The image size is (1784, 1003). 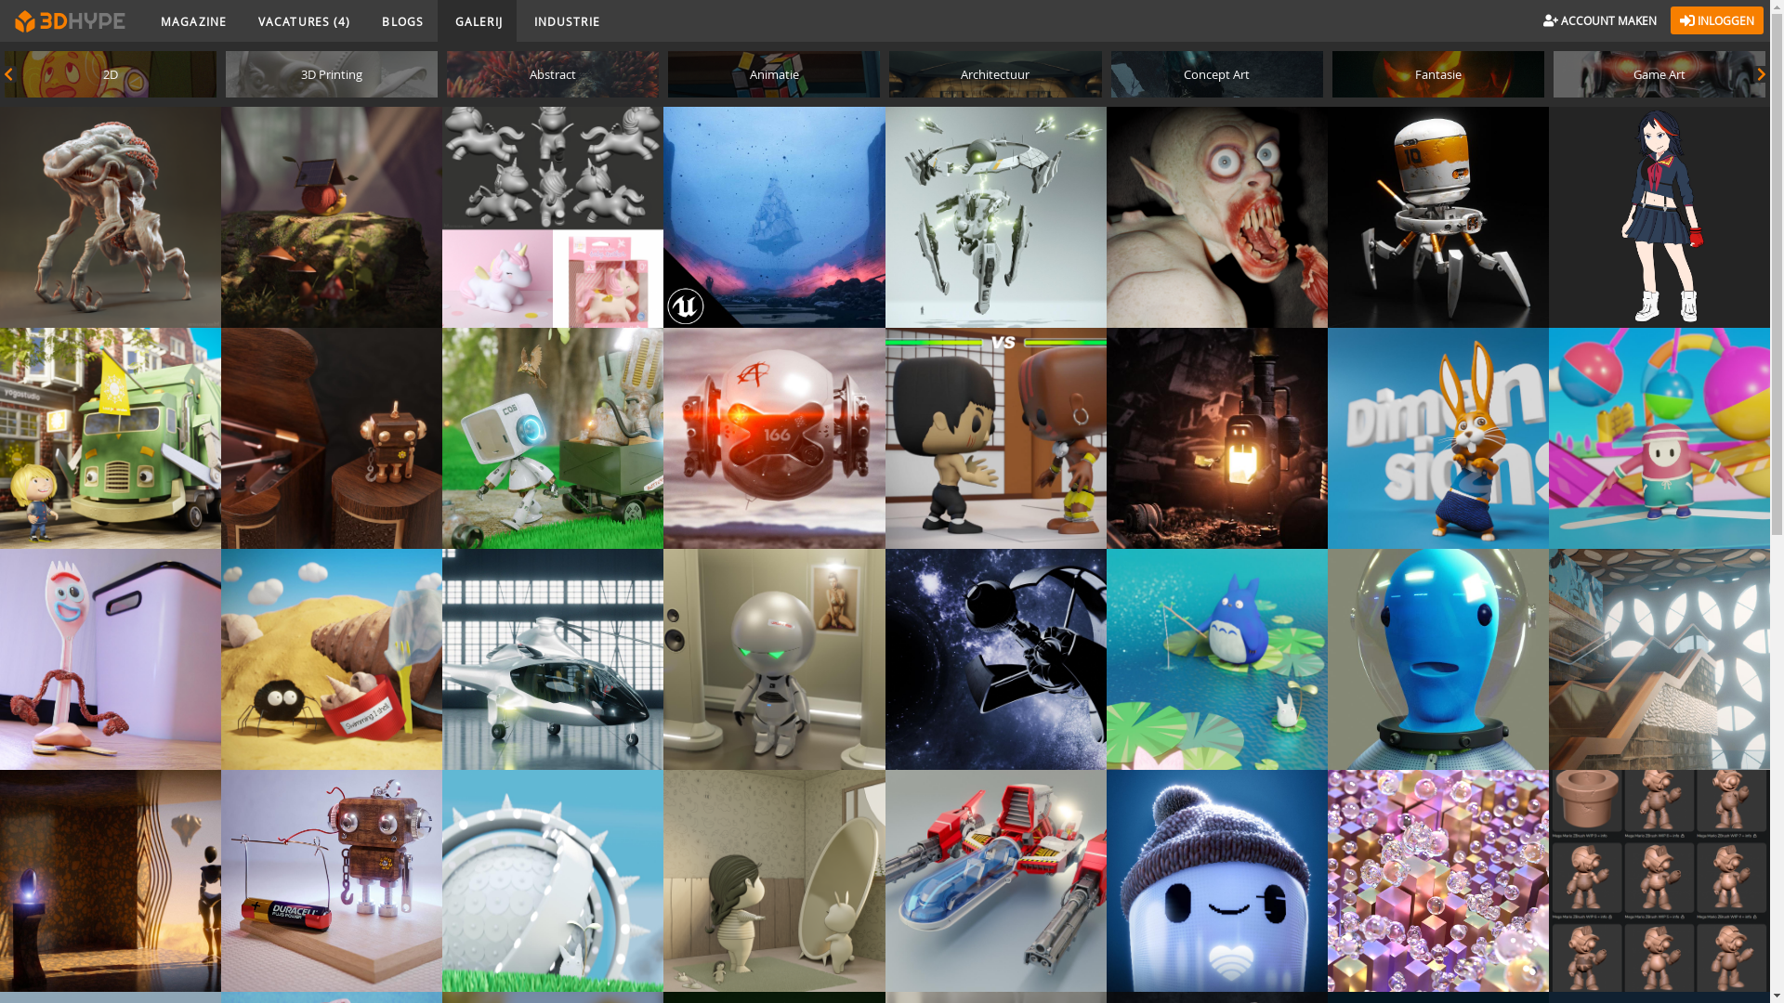 What do you see at coordinates (1632, 73) in the screenshot?
I see `'Game Art'` at bounding box center [1632, 73].